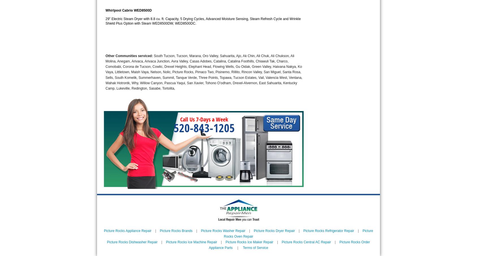 The height and width of the screenshot is (256, 477). What do you see at coordinates (191, 241) in the screenshot?
I see `'Picture Rocks Ice Machine Repair'` at bounding box center [191, 241].